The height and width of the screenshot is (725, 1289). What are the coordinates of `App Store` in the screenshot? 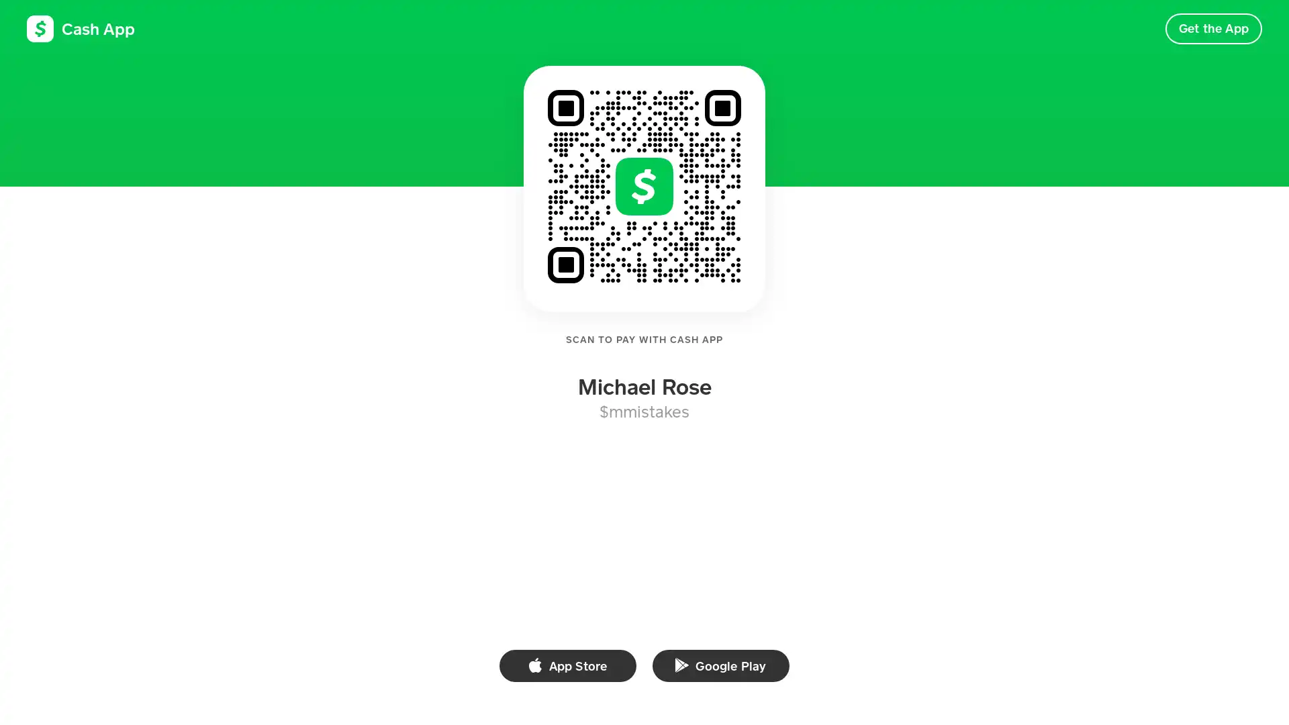 It's located at (567, 665).